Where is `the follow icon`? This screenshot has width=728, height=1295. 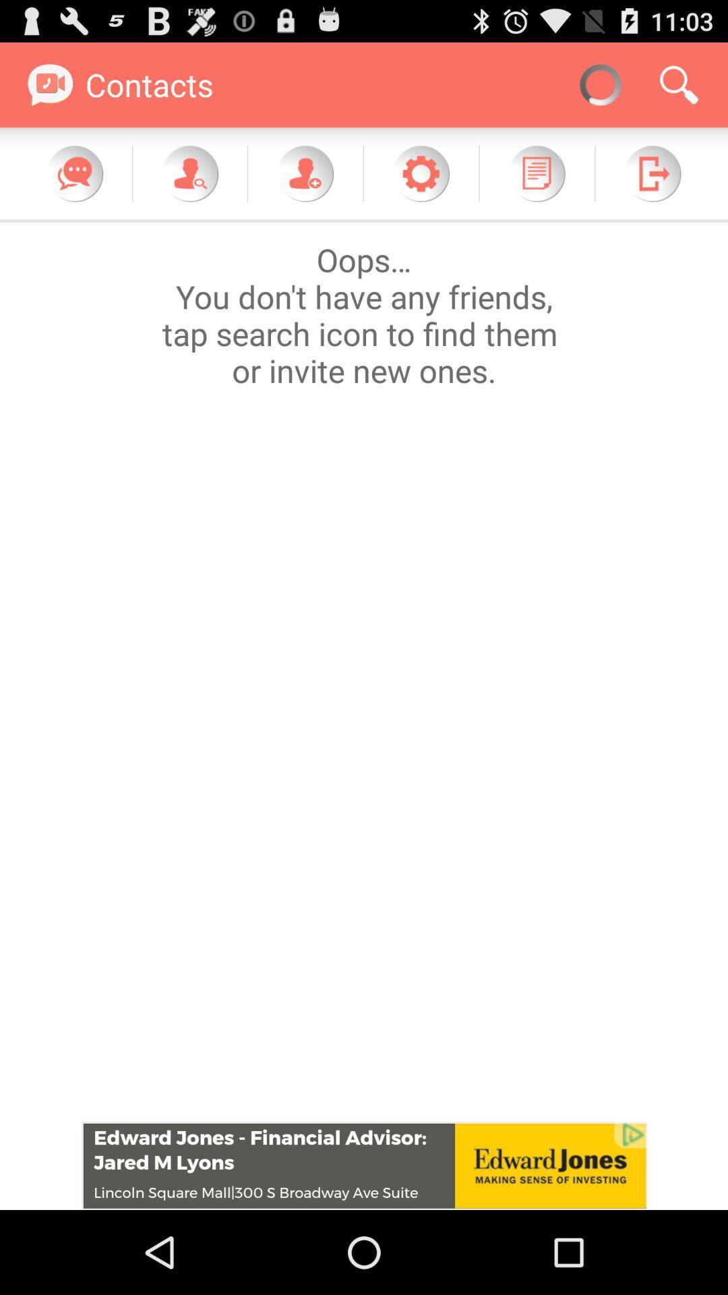 the follow icon is located at coordinates (305, 185).